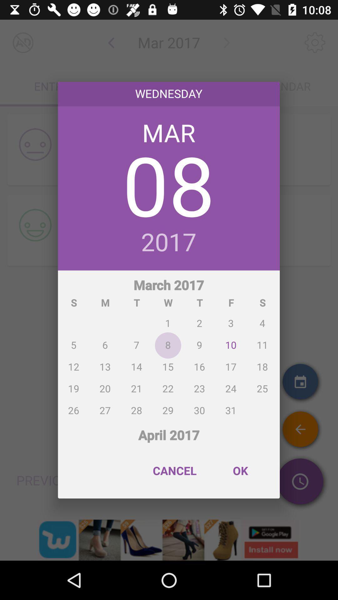  Describe the element at coordinates (175, 471) in the screenshot. I see `the button to the left of ok button` at that location.